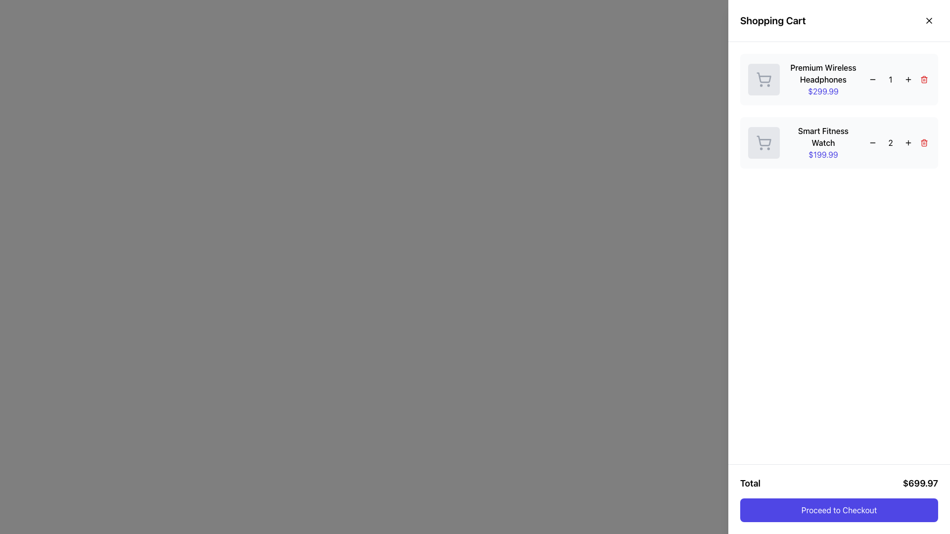 The height and width of the screenshot is (534, 950). Describe the element at coordinates (898, 143) in the screenshot. I see `the numeric display for the 'Smart Fitness Watch' within the numeric adjustment component in the shopping cart, which is centrally positioned among its minus and plus buttons` at that location.